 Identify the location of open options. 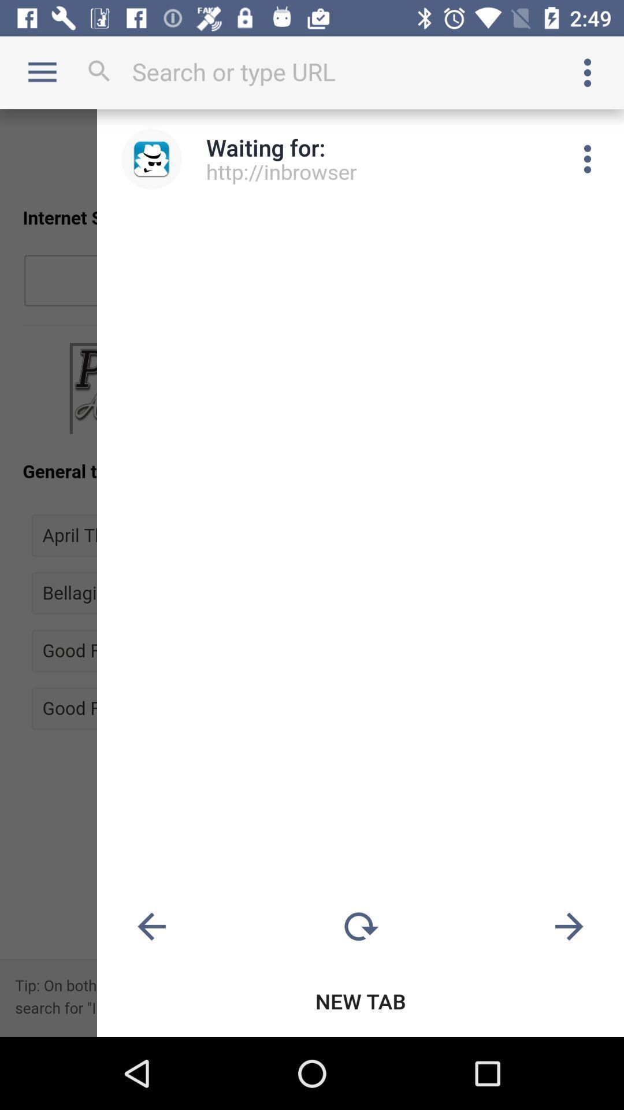
(588, 72).